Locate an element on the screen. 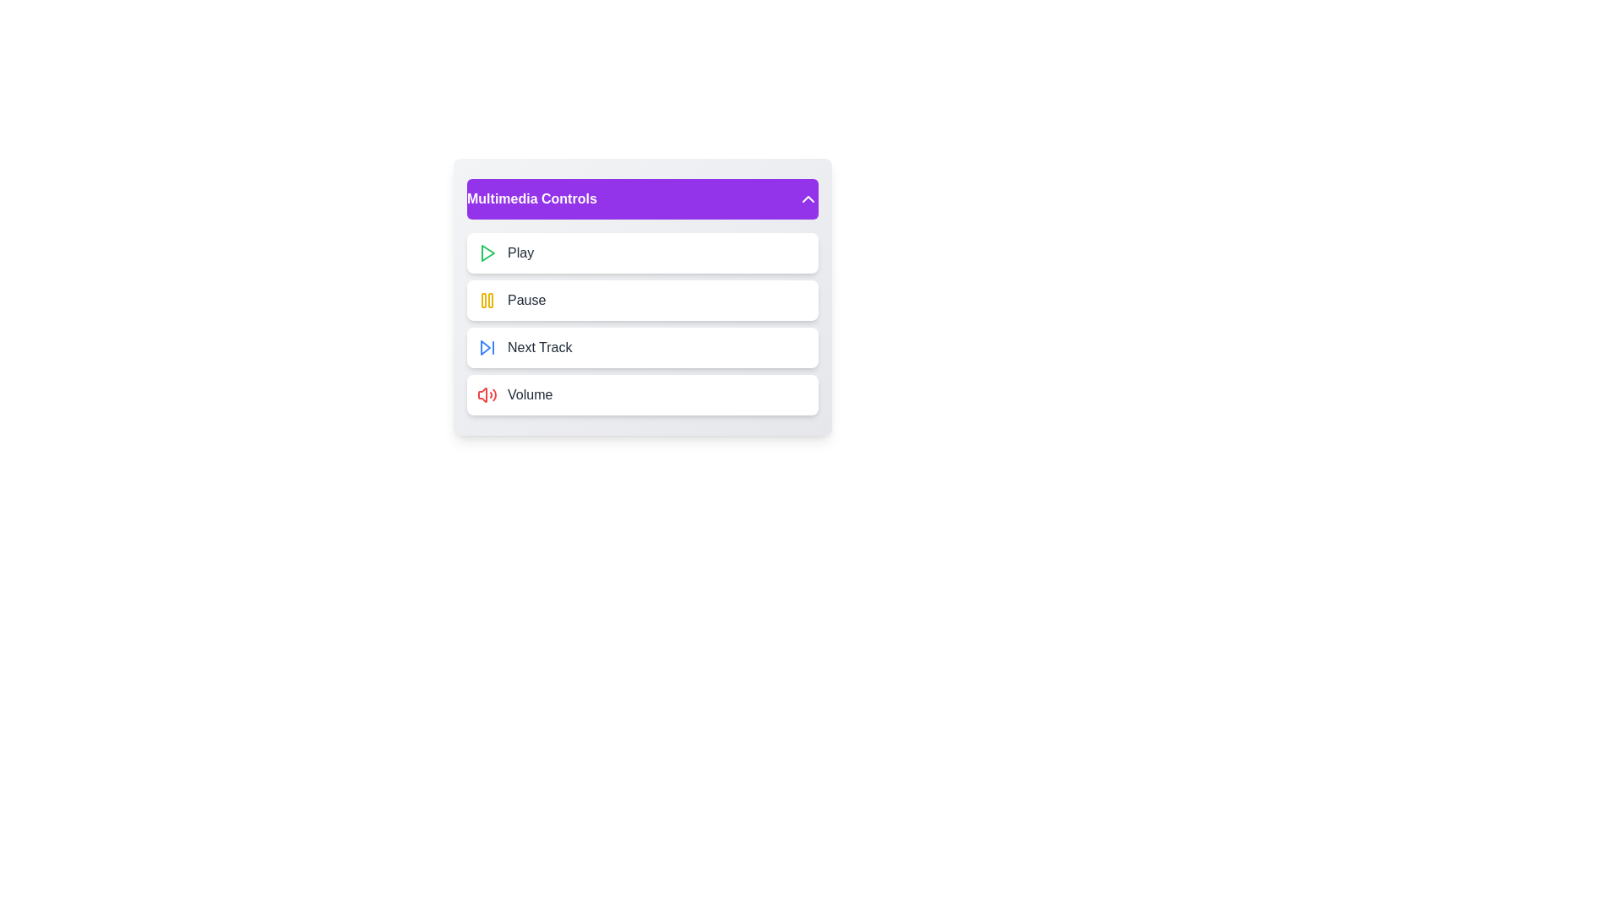 The image size is (1622, 912). the Text label indicating volume adjustment located within the 'Multimedia Controls' menu, positioned to the right of the sound-related icon is located at coordinates (529, 394).